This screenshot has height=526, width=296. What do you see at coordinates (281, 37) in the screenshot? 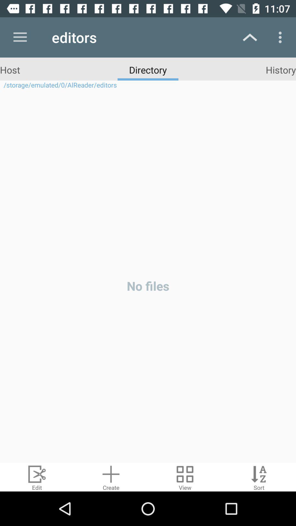
I see `icon above history` at bounding box center [281, 37].